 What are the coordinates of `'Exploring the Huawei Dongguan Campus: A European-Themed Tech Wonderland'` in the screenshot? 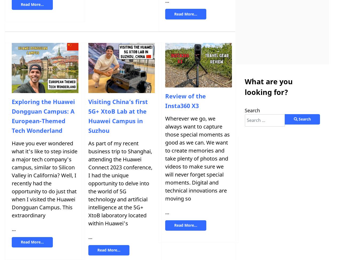 It's located at (43, 116).